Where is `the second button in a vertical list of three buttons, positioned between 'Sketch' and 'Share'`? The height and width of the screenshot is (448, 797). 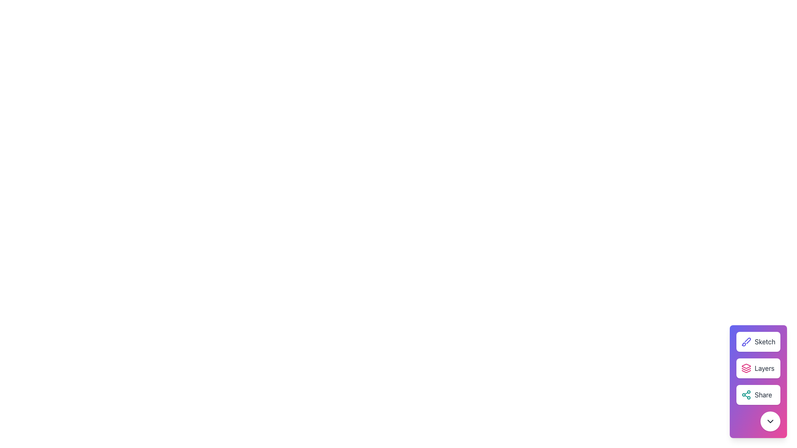 the second button in a vertical list of three buttons, positioned between 'Sketch' and 'Share' is located at coordinates (758, 368).